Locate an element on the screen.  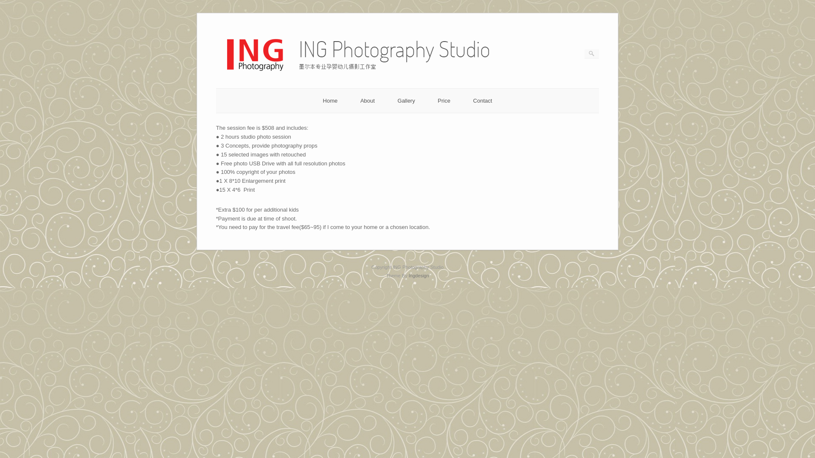
'Price' is located at coordinates (438, 100).